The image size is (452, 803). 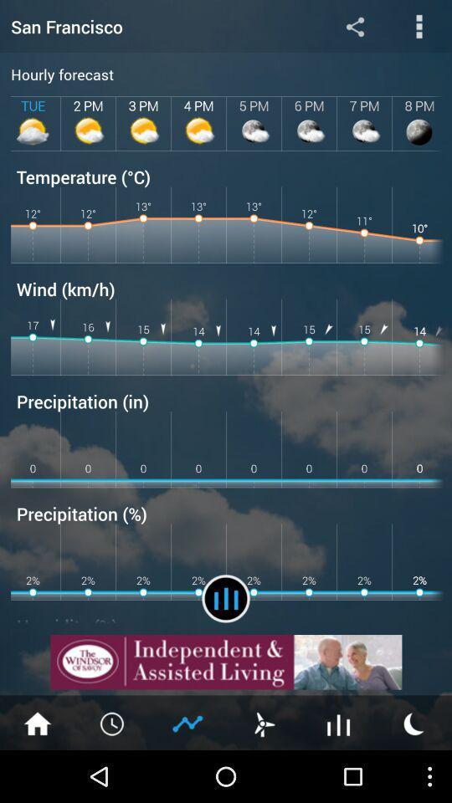 I want to click on the weather option, so click(x=263, y=722).